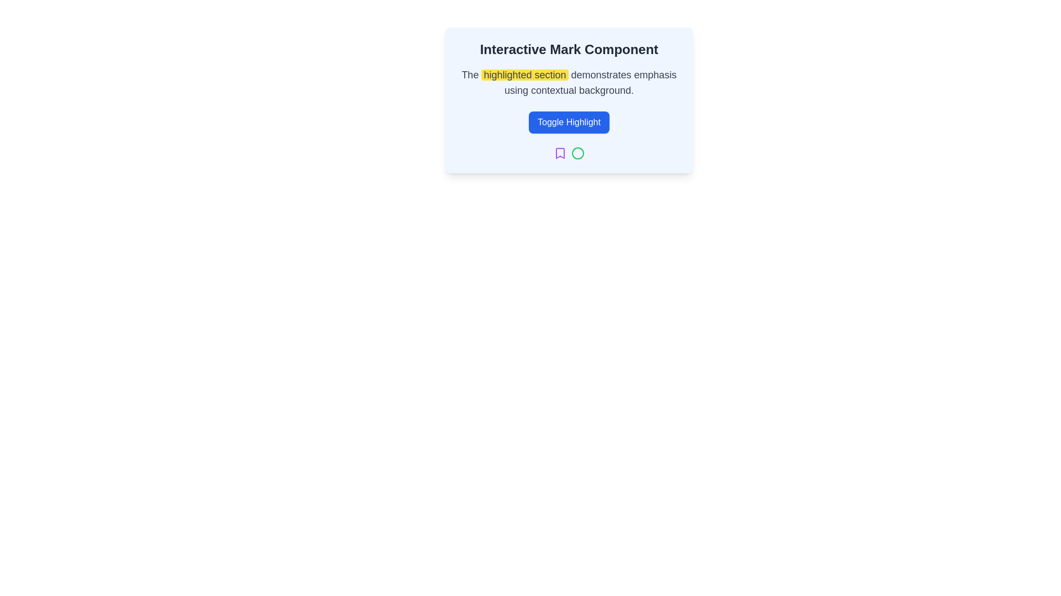 The height and width of the screenshot is (596, 1061). I want to click on the button designed to toggle the highlighting functionality, which is located below the descriptive text and above the icons for interaction, so click(569, 123).